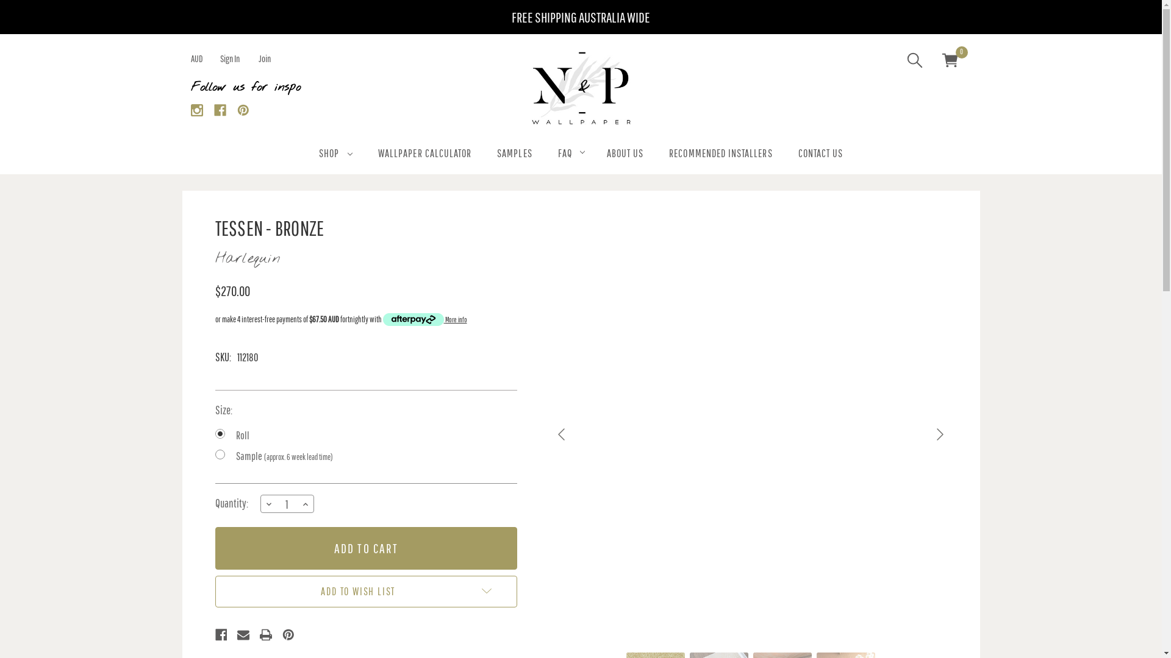 The height and width of the screenshot is (658, 1171). I want to click on 'INCREASE QUANTITY OF TESSEN - BRONZE', so click(305, 503).